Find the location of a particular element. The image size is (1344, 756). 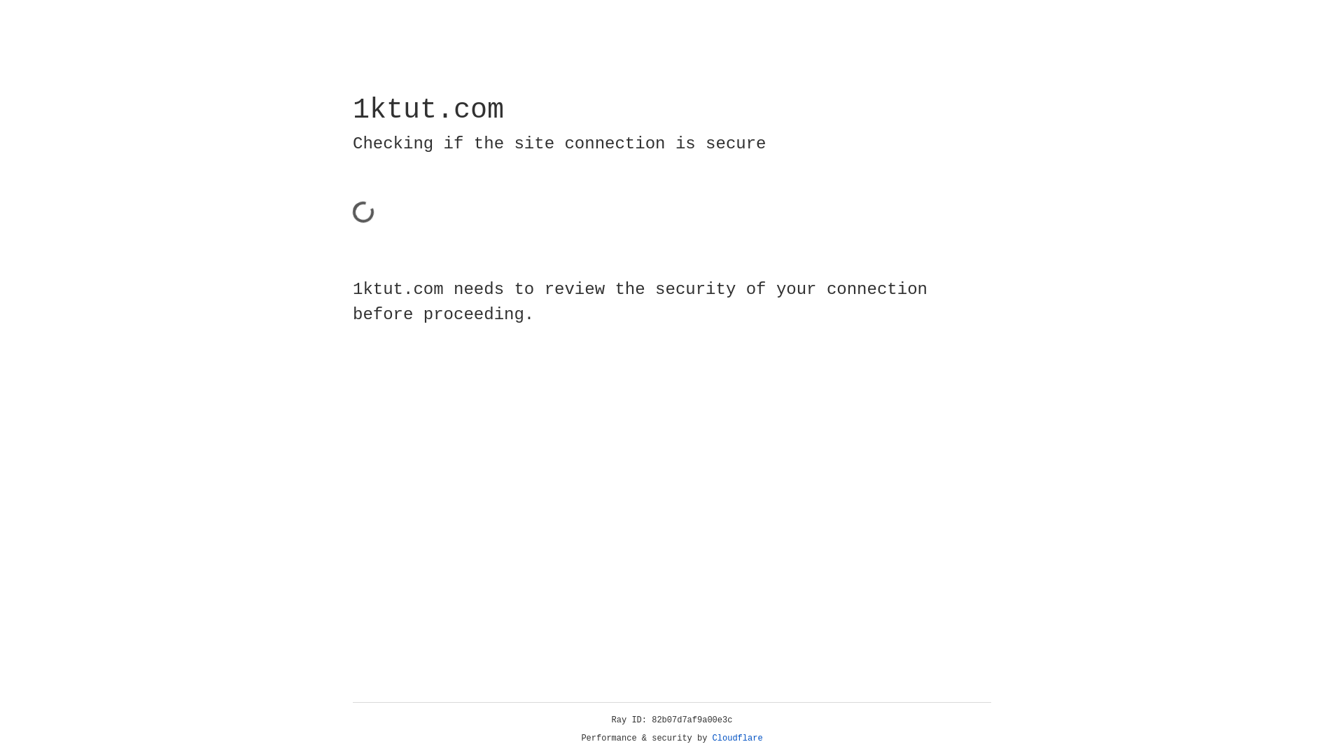

'Cloudflare' is located at coordinates (737, 738).